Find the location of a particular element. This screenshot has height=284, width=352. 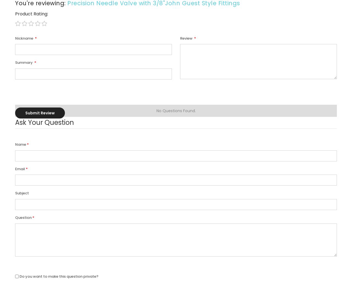

'Submit Review' is located at coordinates (40, 112).